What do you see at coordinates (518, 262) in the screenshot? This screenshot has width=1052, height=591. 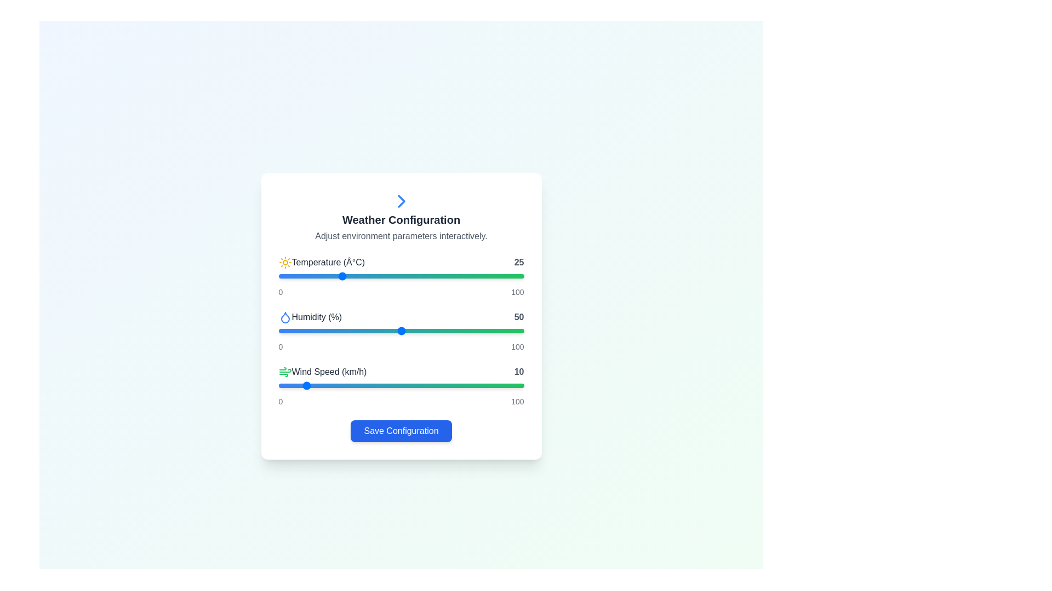 I see `the Text display element that shows the current temperature value in degrees Celsius, located at the rightmost side of the 'Weather Configuration' section` at bounding box center [518, 262].